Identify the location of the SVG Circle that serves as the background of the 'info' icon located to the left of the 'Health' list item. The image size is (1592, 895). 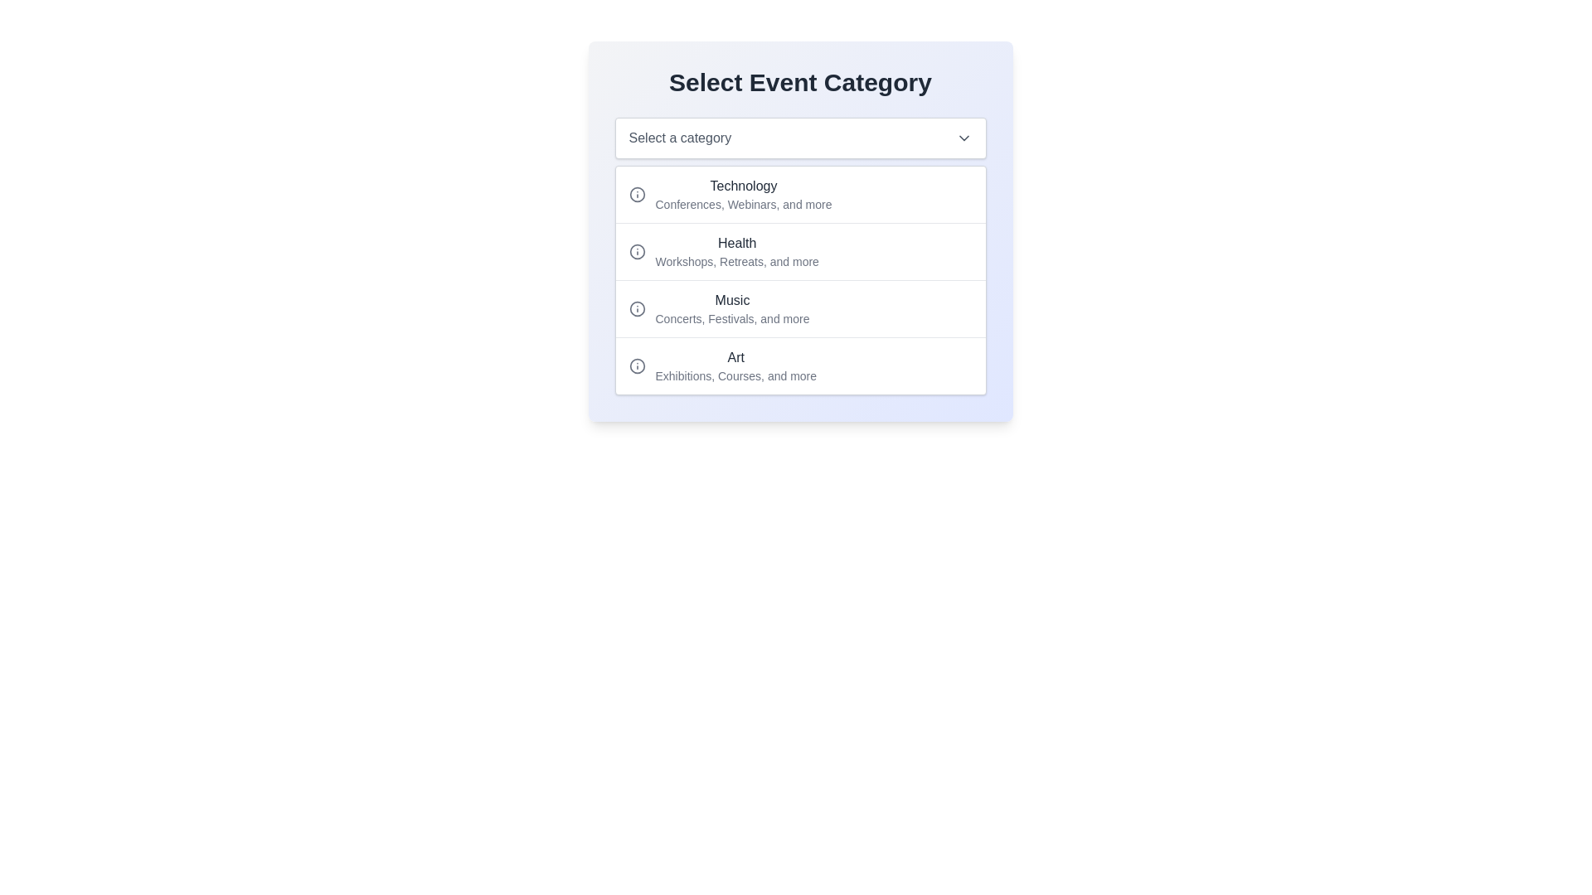
(636, 252).